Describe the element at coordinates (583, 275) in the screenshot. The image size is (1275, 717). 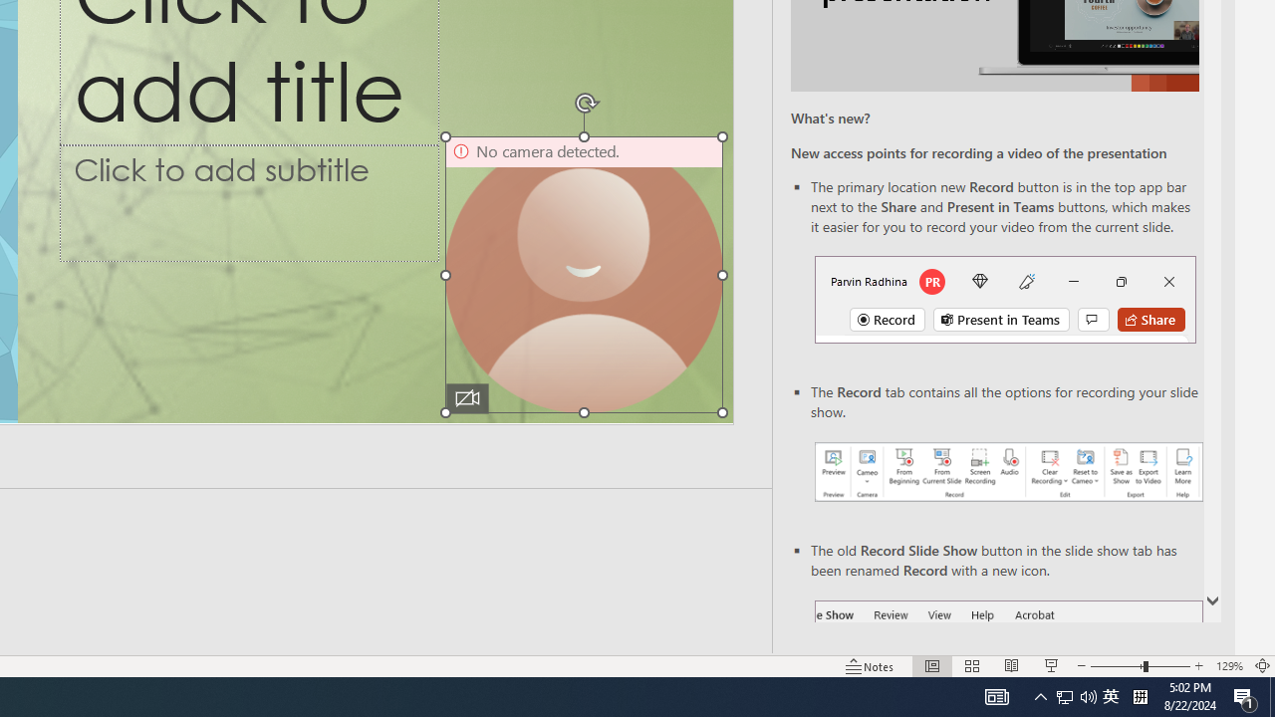
I see `'Camera 9, No camera detected.'` at that location.